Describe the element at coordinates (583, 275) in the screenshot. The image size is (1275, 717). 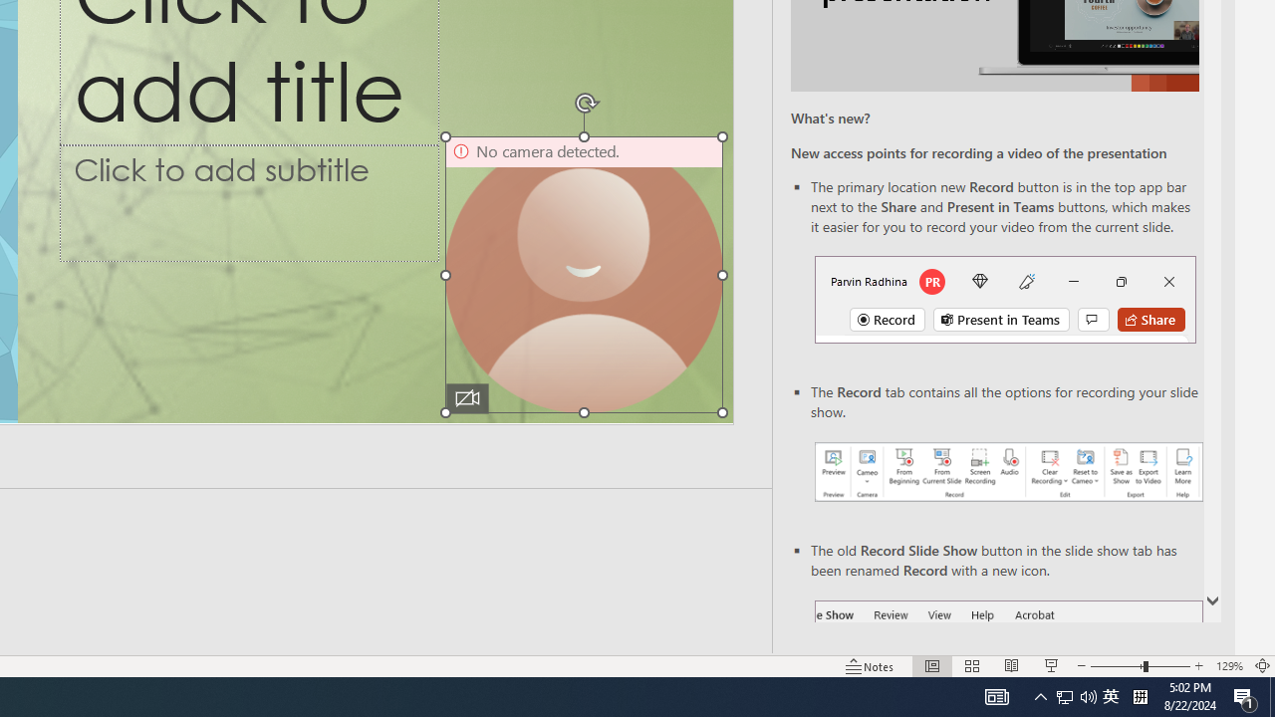
I see `'Camera 9, No camera detected.'` at that location.